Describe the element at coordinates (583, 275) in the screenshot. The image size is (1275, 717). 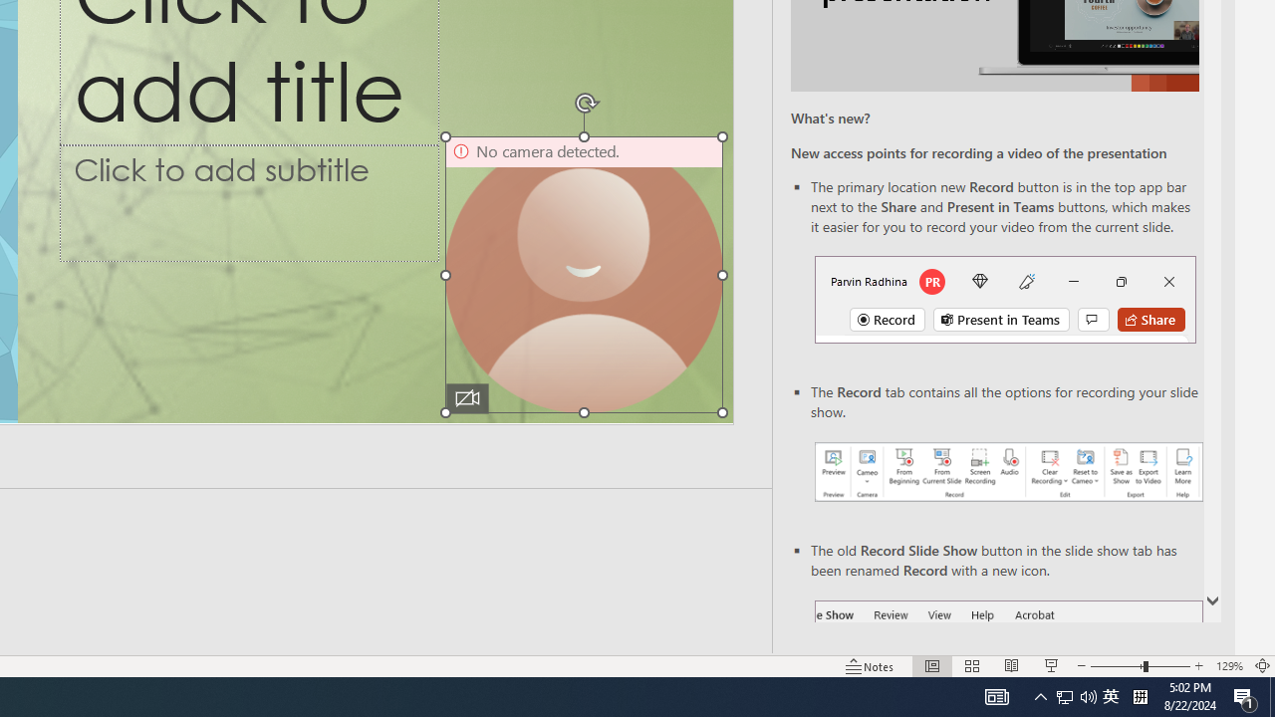
I see `'Camera 9, No camera detected.'` at that location.